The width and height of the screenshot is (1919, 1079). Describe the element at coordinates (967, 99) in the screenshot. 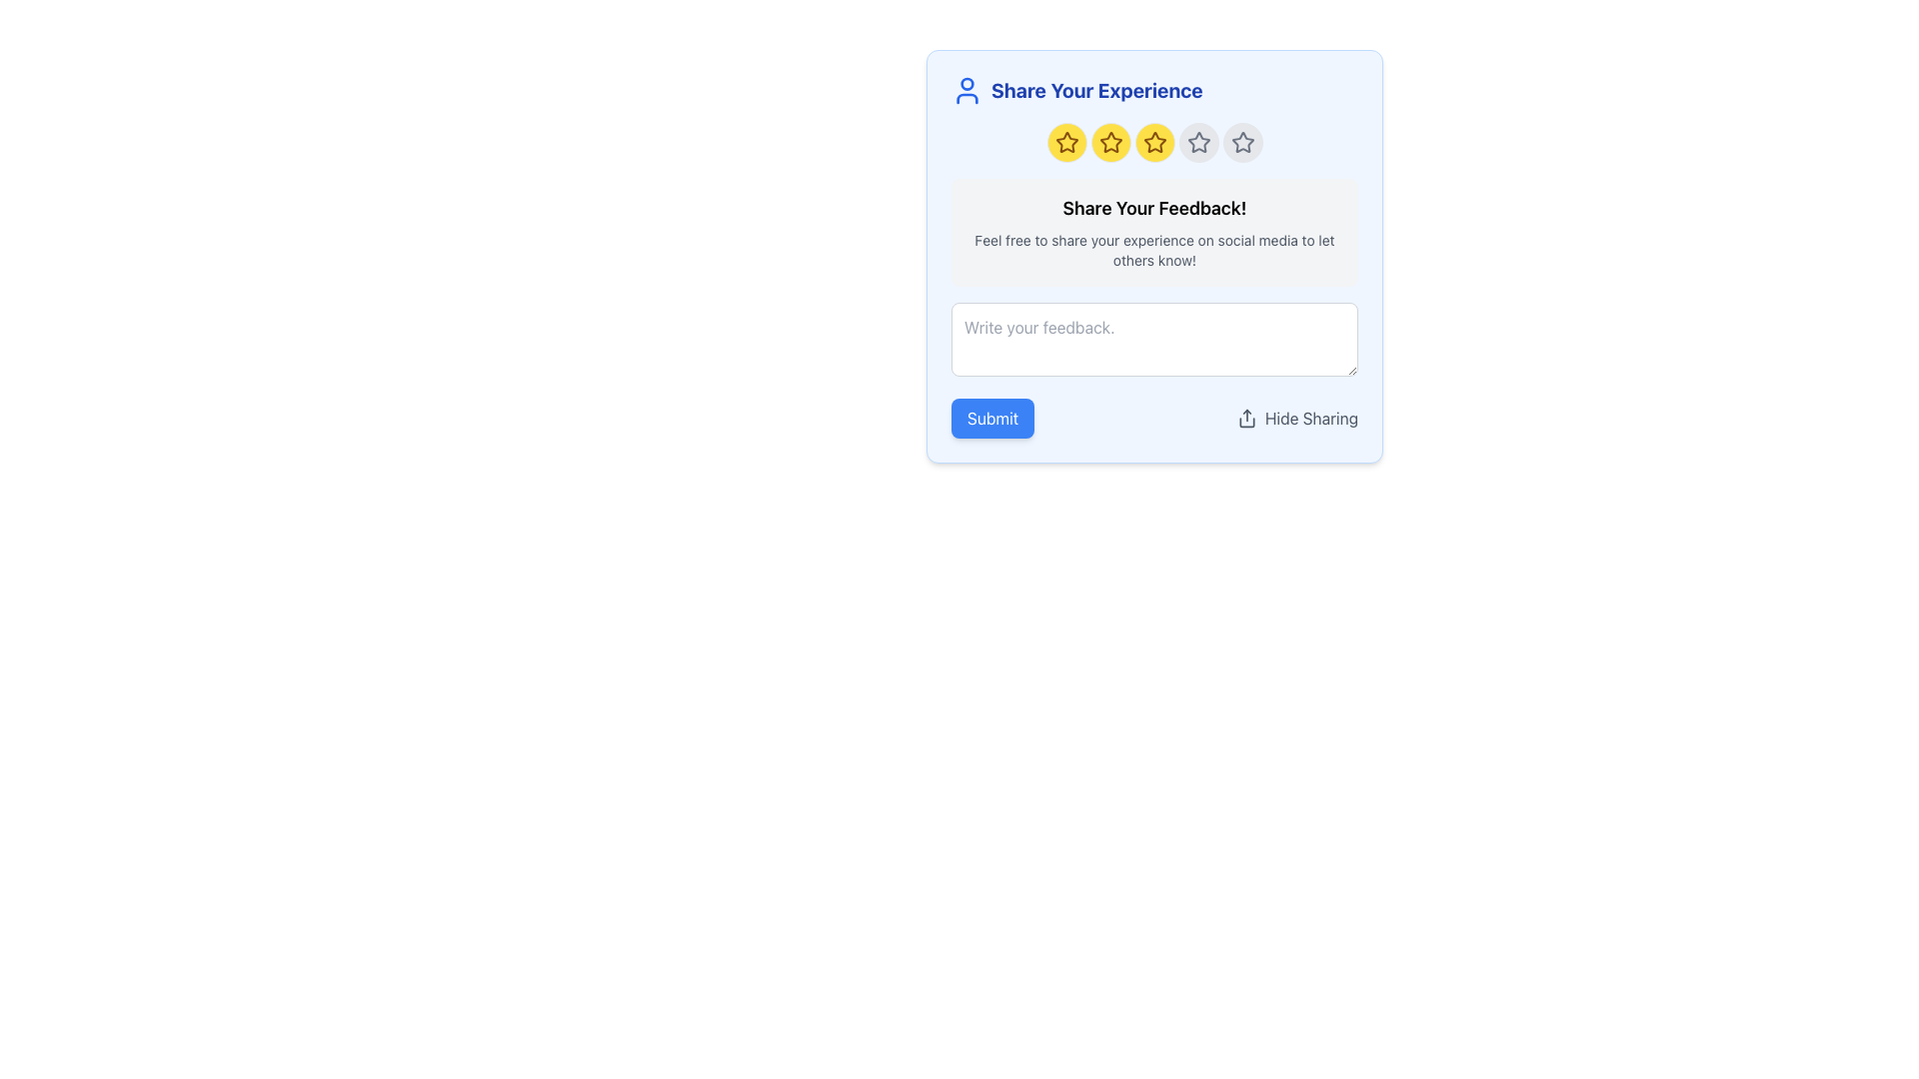

I see `the lower portion of the user icon within the feedback card component, which symbolizes the body of a person` at that location.